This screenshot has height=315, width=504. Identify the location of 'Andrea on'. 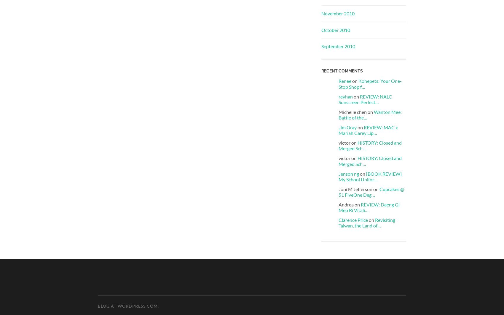
(349, 204).